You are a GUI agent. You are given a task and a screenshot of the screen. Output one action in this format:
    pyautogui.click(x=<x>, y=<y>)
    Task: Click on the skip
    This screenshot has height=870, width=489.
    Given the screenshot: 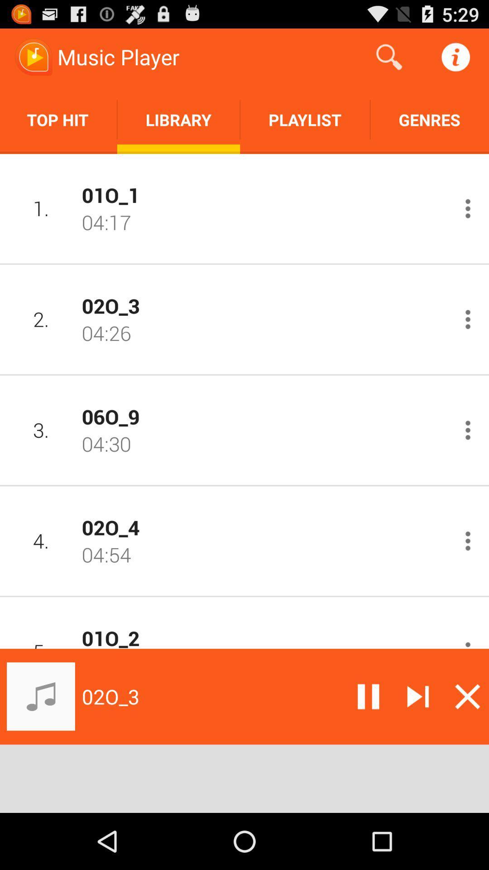 What is the action you would take?
    pyautogui.click(x=418, y=696)
    